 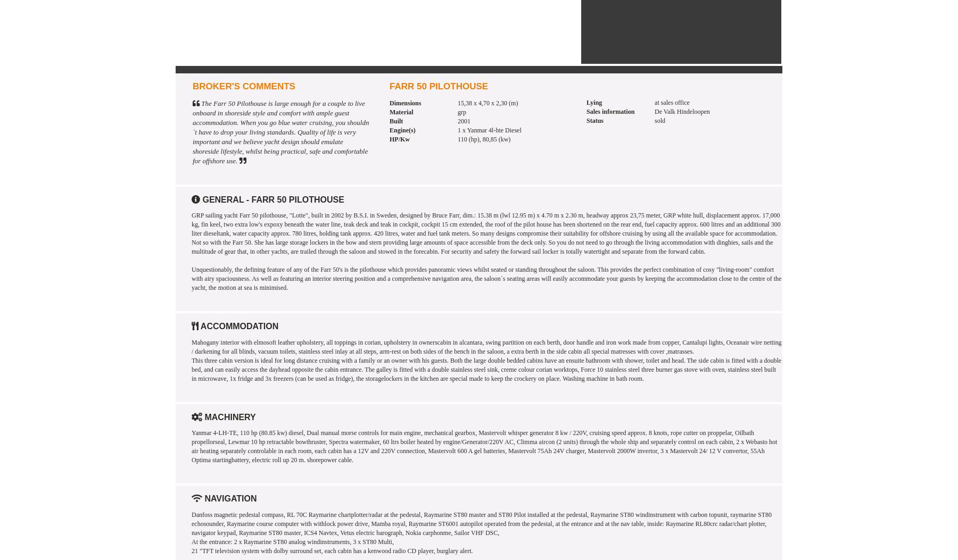 I want to click on 'Accommodation', so click(x=238, y=326).